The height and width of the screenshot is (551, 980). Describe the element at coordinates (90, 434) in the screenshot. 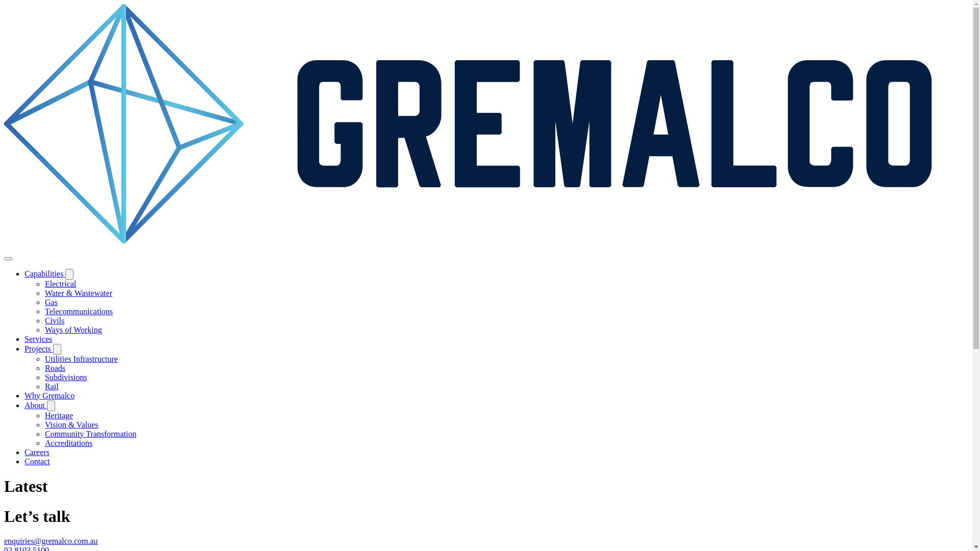

I see `'Community Transformation'` at that location.